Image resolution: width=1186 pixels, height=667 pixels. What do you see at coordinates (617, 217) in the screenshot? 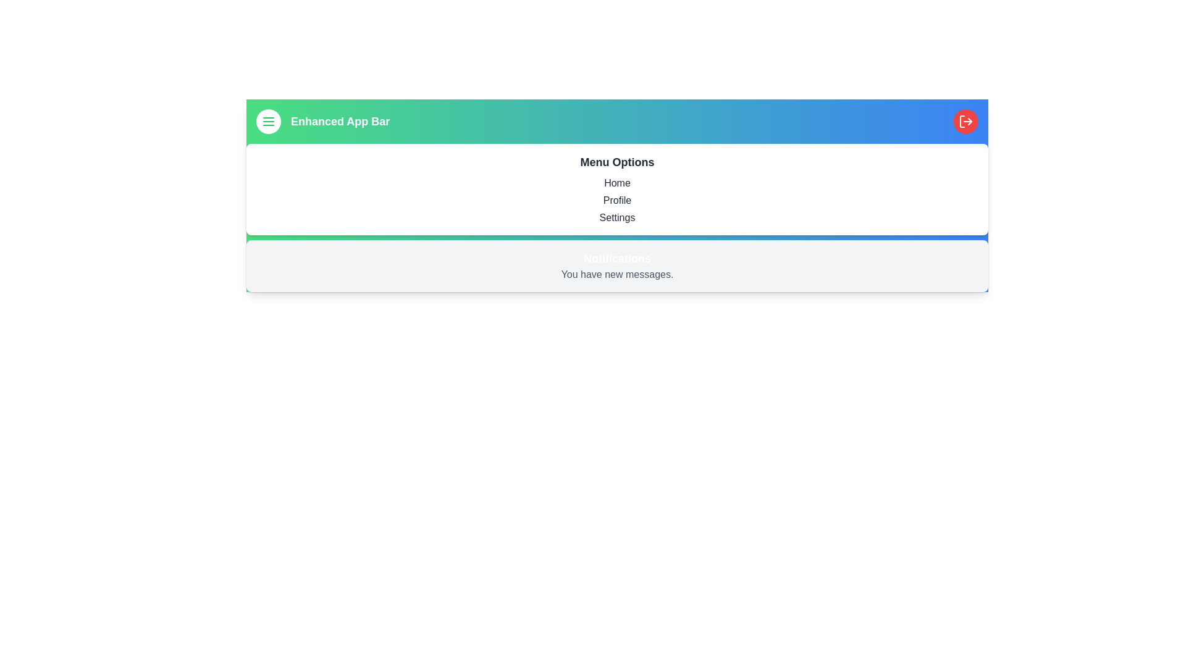
I see `the menu option Settings to navigate to the respective page` at bounding box center [617, 217].